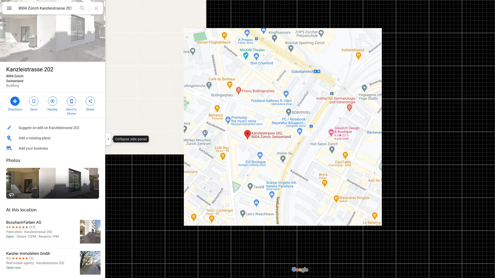 The height and width of the screenshot is (278, 495). I want to click on Share Kanzleistrasse 202, so click(90, 103).